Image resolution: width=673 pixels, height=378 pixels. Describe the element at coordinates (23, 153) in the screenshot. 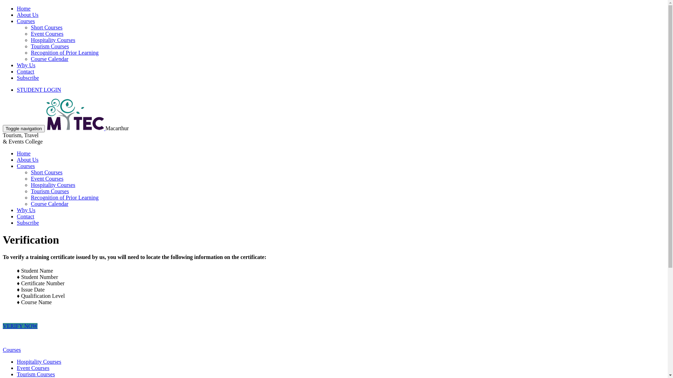

I see `'Home'` at that location.